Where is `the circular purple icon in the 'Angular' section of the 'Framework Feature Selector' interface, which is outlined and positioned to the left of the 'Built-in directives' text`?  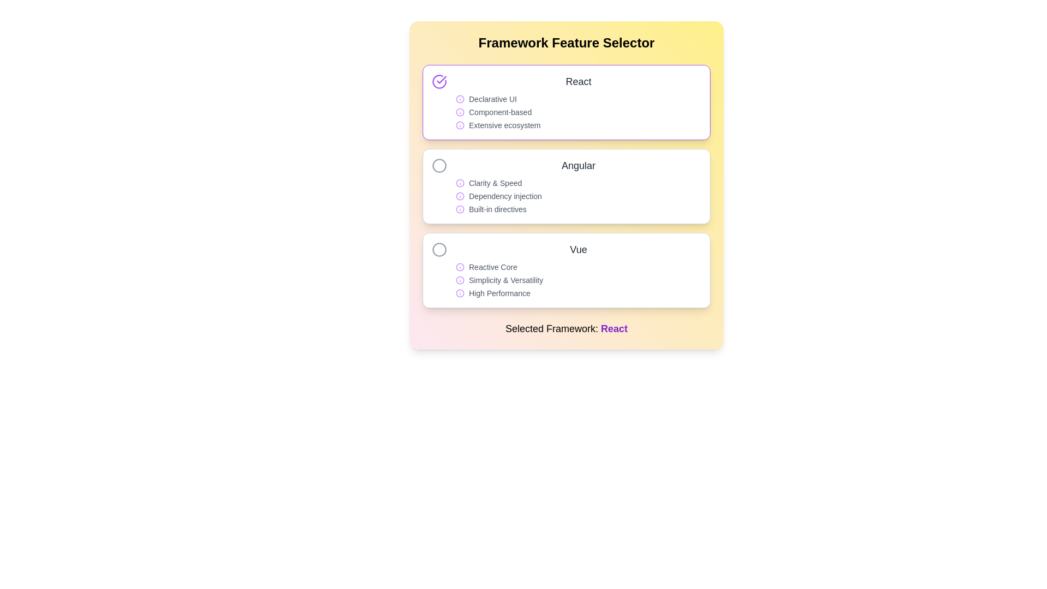
the circular purple icon in the 'Angular' section of the 'Framework Feature Selector' interface, which is outlined and positioned to the left of the 'Built-in directives' text is located at coordinates (460, 209).